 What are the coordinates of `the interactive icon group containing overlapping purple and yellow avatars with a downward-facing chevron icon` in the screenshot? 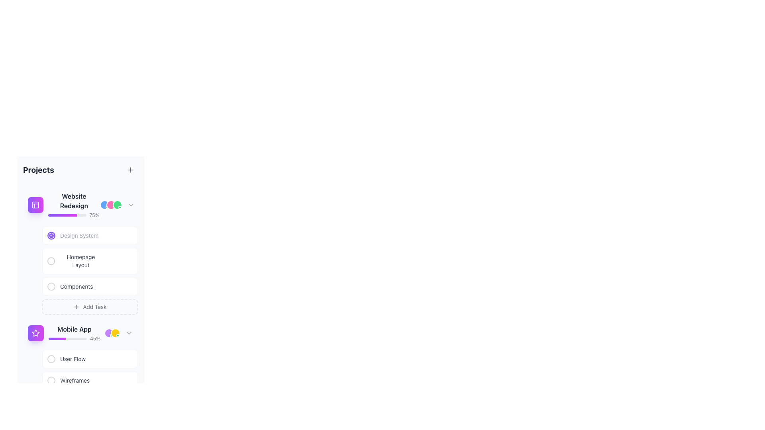 It's located at (118, 333).